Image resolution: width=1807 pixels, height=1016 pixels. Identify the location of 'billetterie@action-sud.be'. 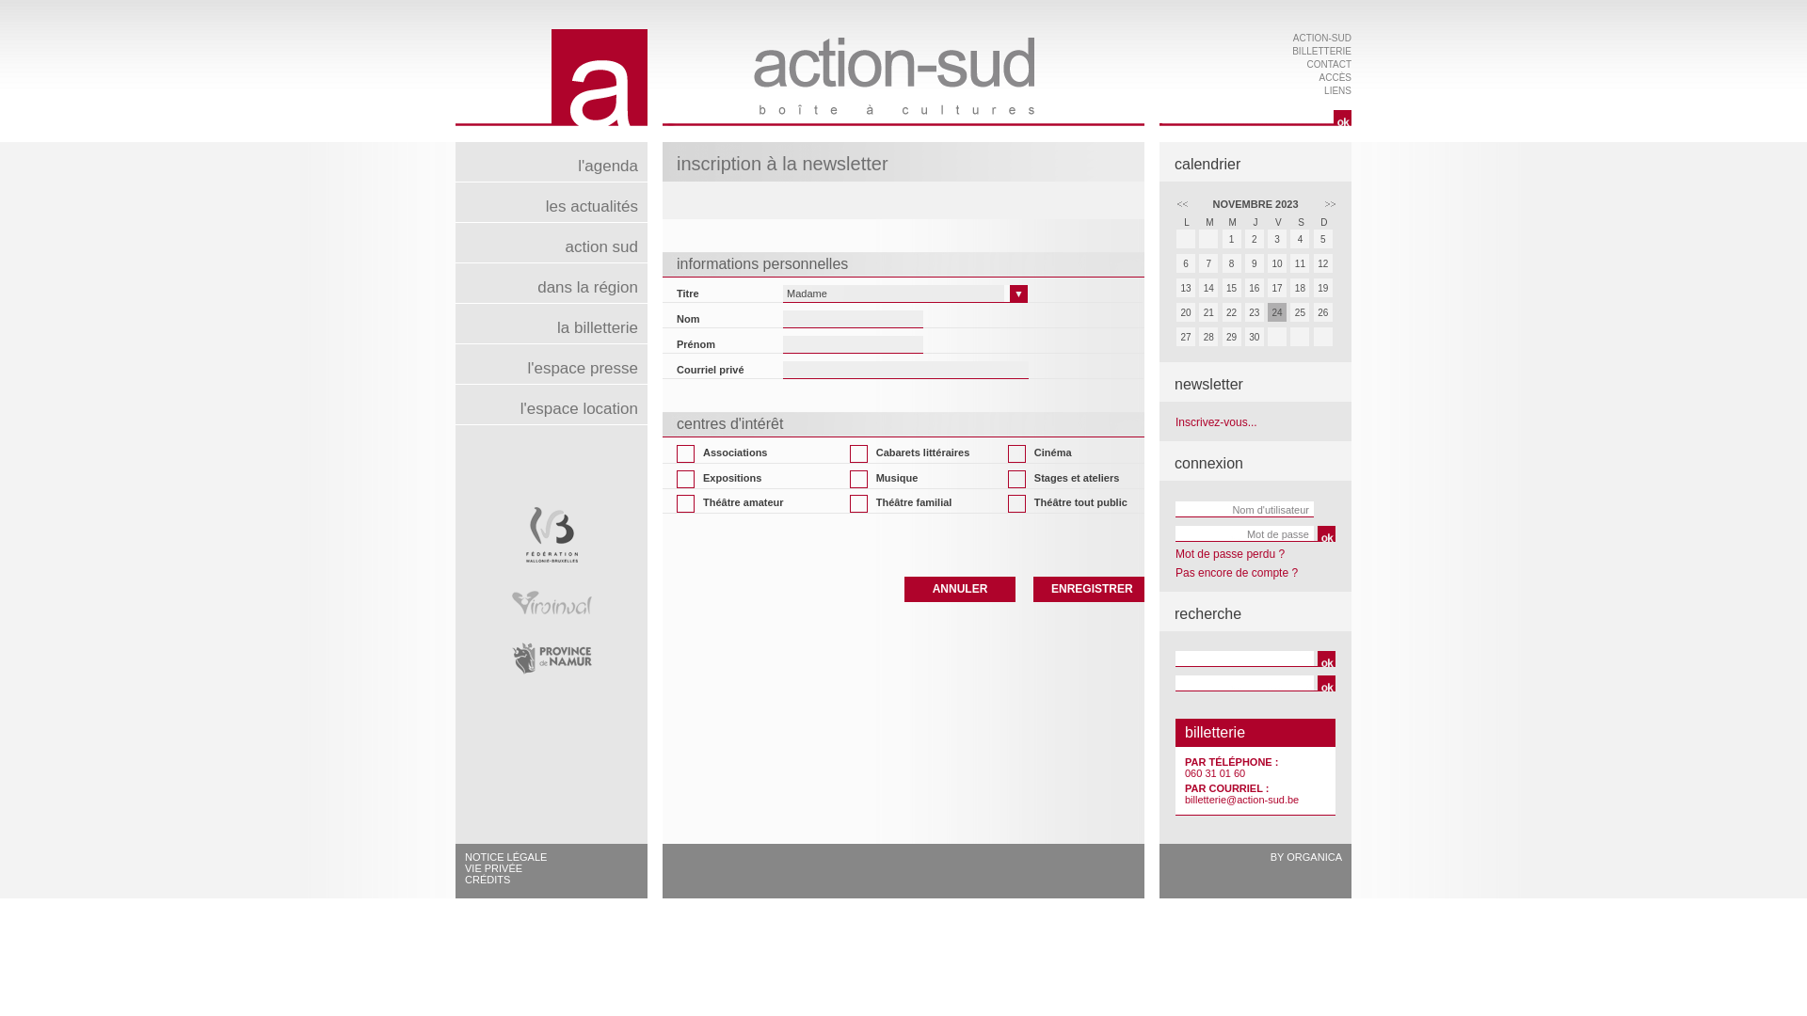
(1183, 799).